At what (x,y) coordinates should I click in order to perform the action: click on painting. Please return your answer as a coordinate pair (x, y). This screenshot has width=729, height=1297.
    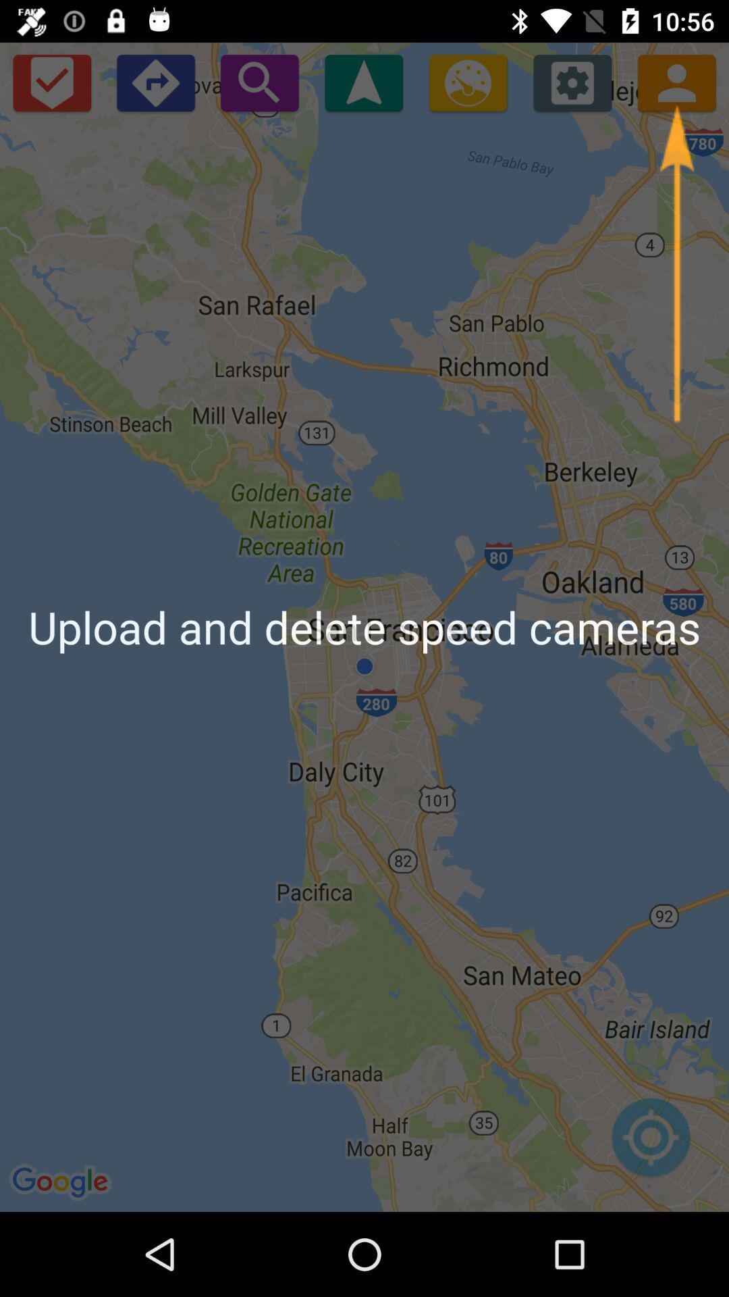
    Looking at the image, I should click on (467, 82).